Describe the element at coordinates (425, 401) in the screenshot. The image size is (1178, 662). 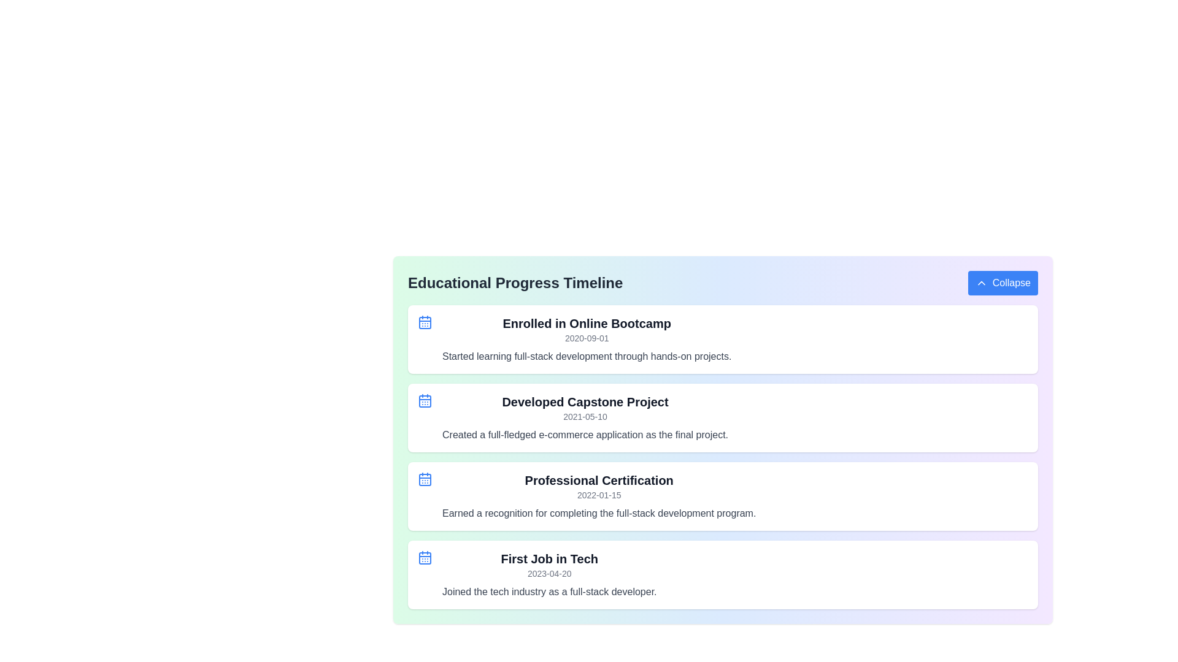
I see `the calendar icon represented by a rectangular shape with rounded corners, which denotes the date 'Developed Capstone Project'` at that location.